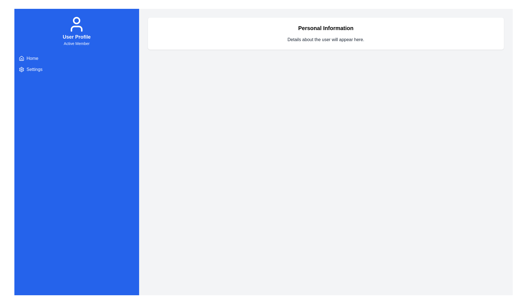 This screenshot has height=298, width=531. I want to click on the 'Home' navigation icon located at the top left of the sidebar, which visually represents the Home option, so click(21, 58).